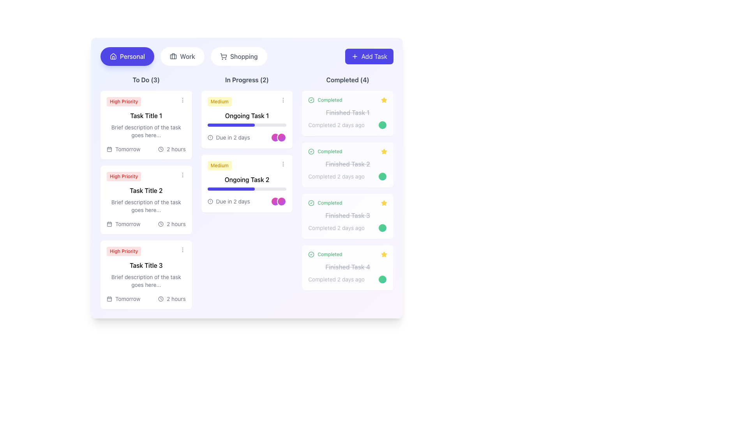  Describe the element at coordinates (109, 149) in the screenshot. I see `the icon that visually indicates dates or deadlines, located in the 'To Do' column preceding the 'Tomorrow' text associated with 'Task Title 1'` at that location.